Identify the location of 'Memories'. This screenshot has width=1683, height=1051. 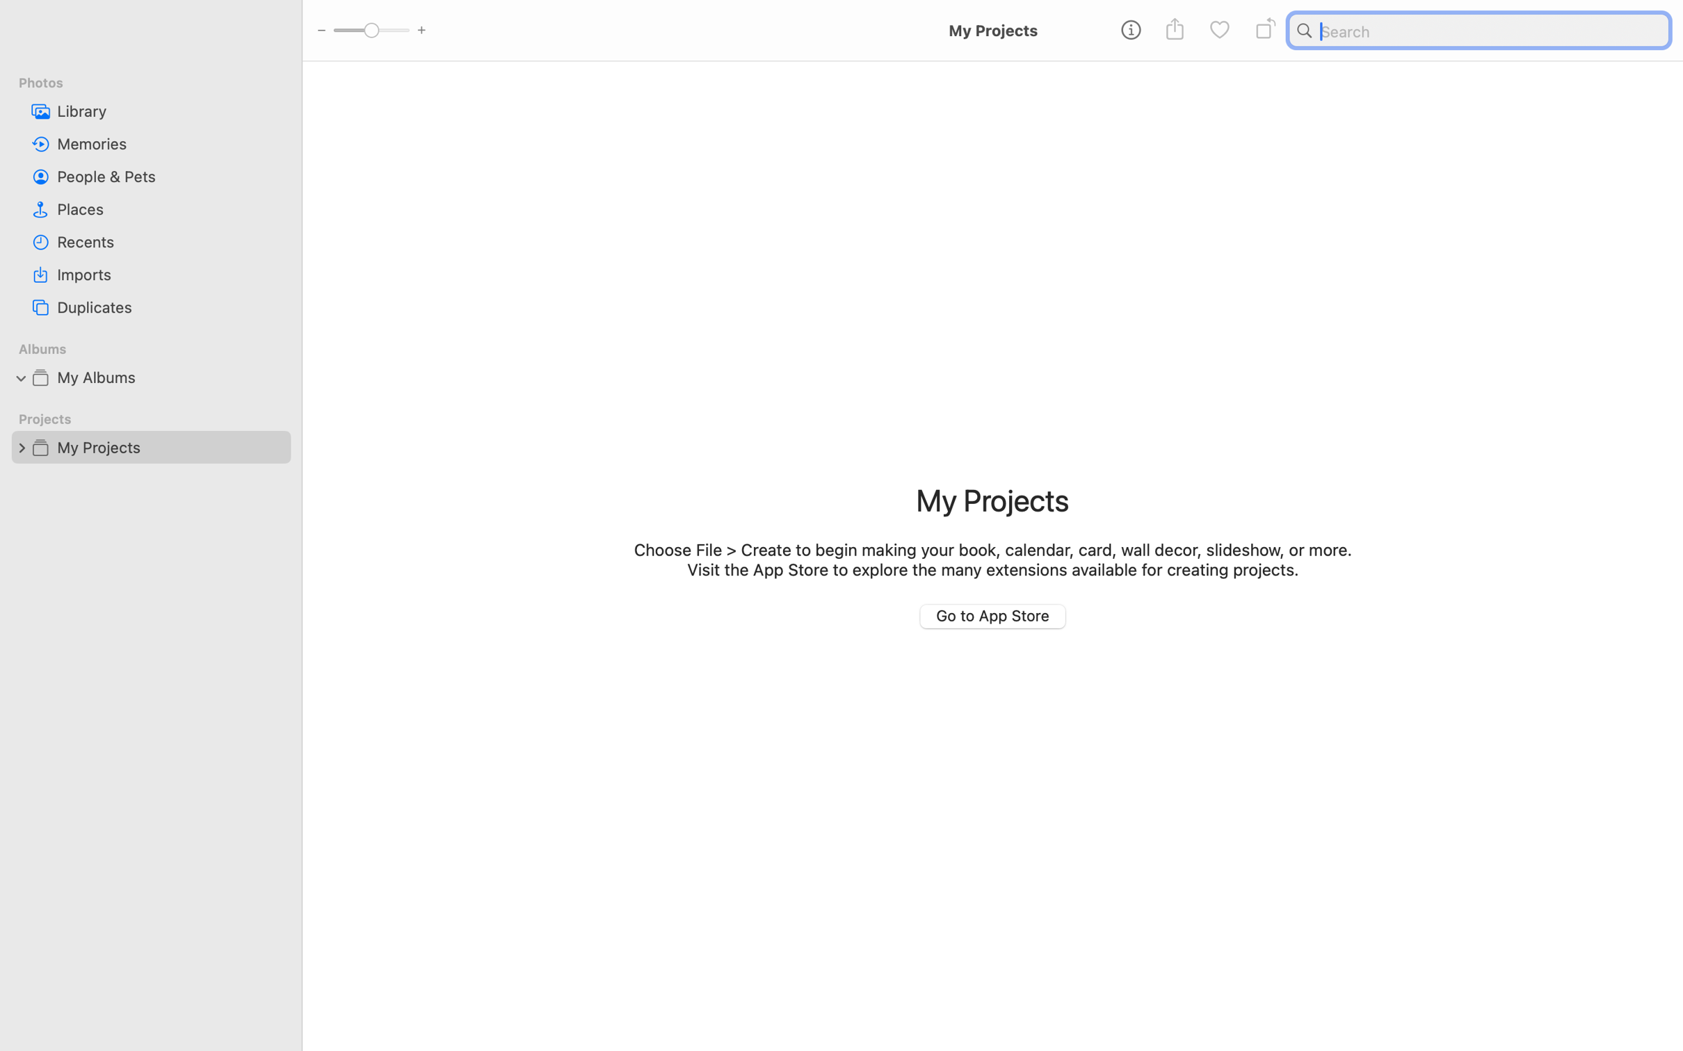
(170, 143).